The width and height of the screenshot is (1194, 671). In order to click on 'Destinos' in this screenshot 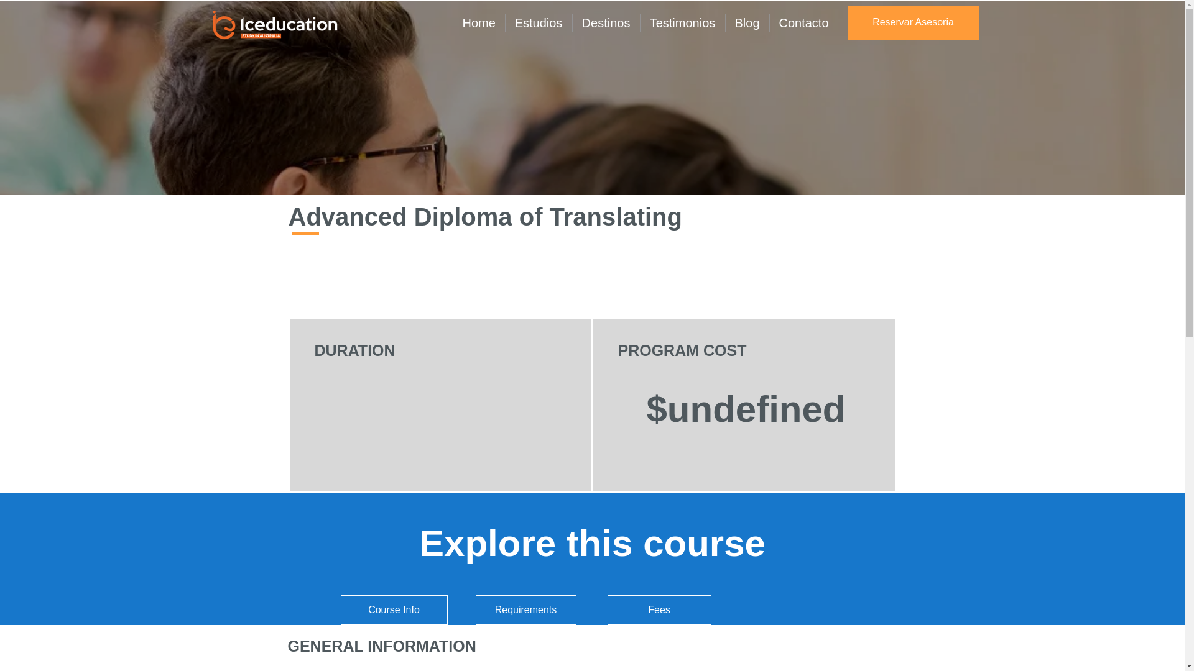, I will do `click(606, 23)`.